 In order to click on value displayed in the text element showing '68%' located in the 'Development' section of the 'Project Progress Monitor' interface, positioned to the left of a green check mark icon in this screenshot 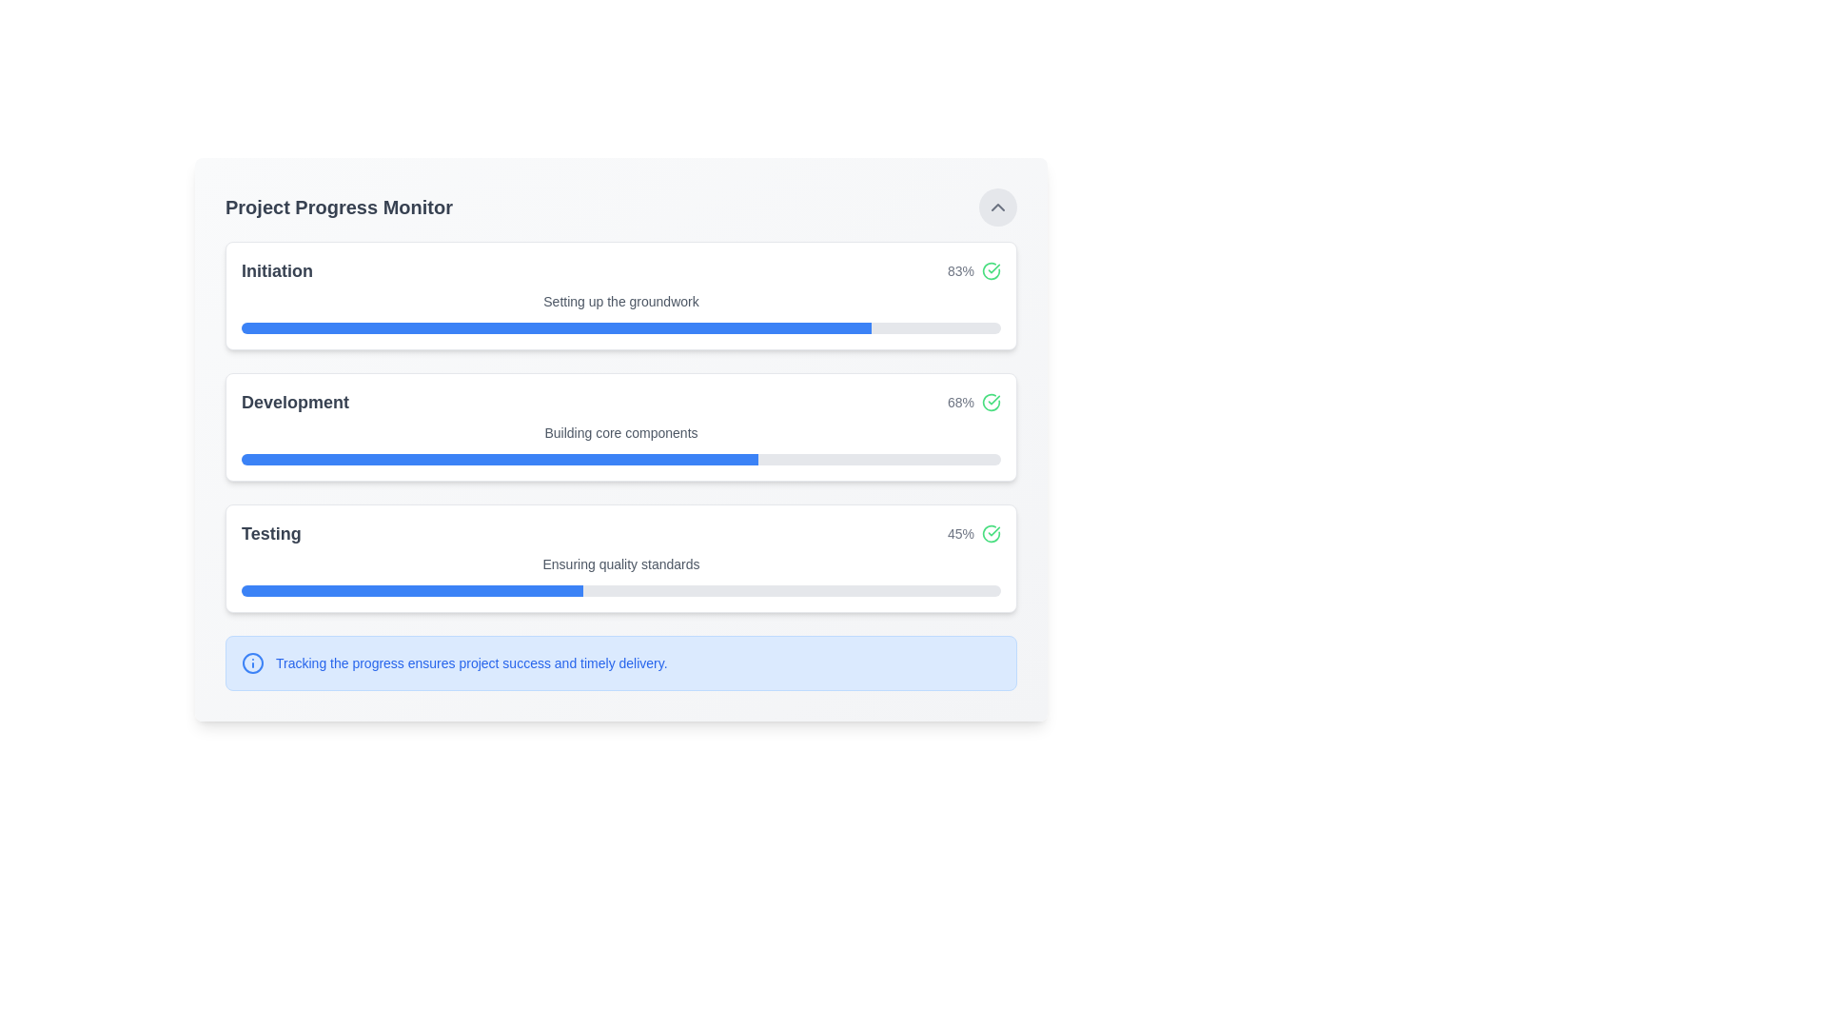, I will do `click(960, 402)`.